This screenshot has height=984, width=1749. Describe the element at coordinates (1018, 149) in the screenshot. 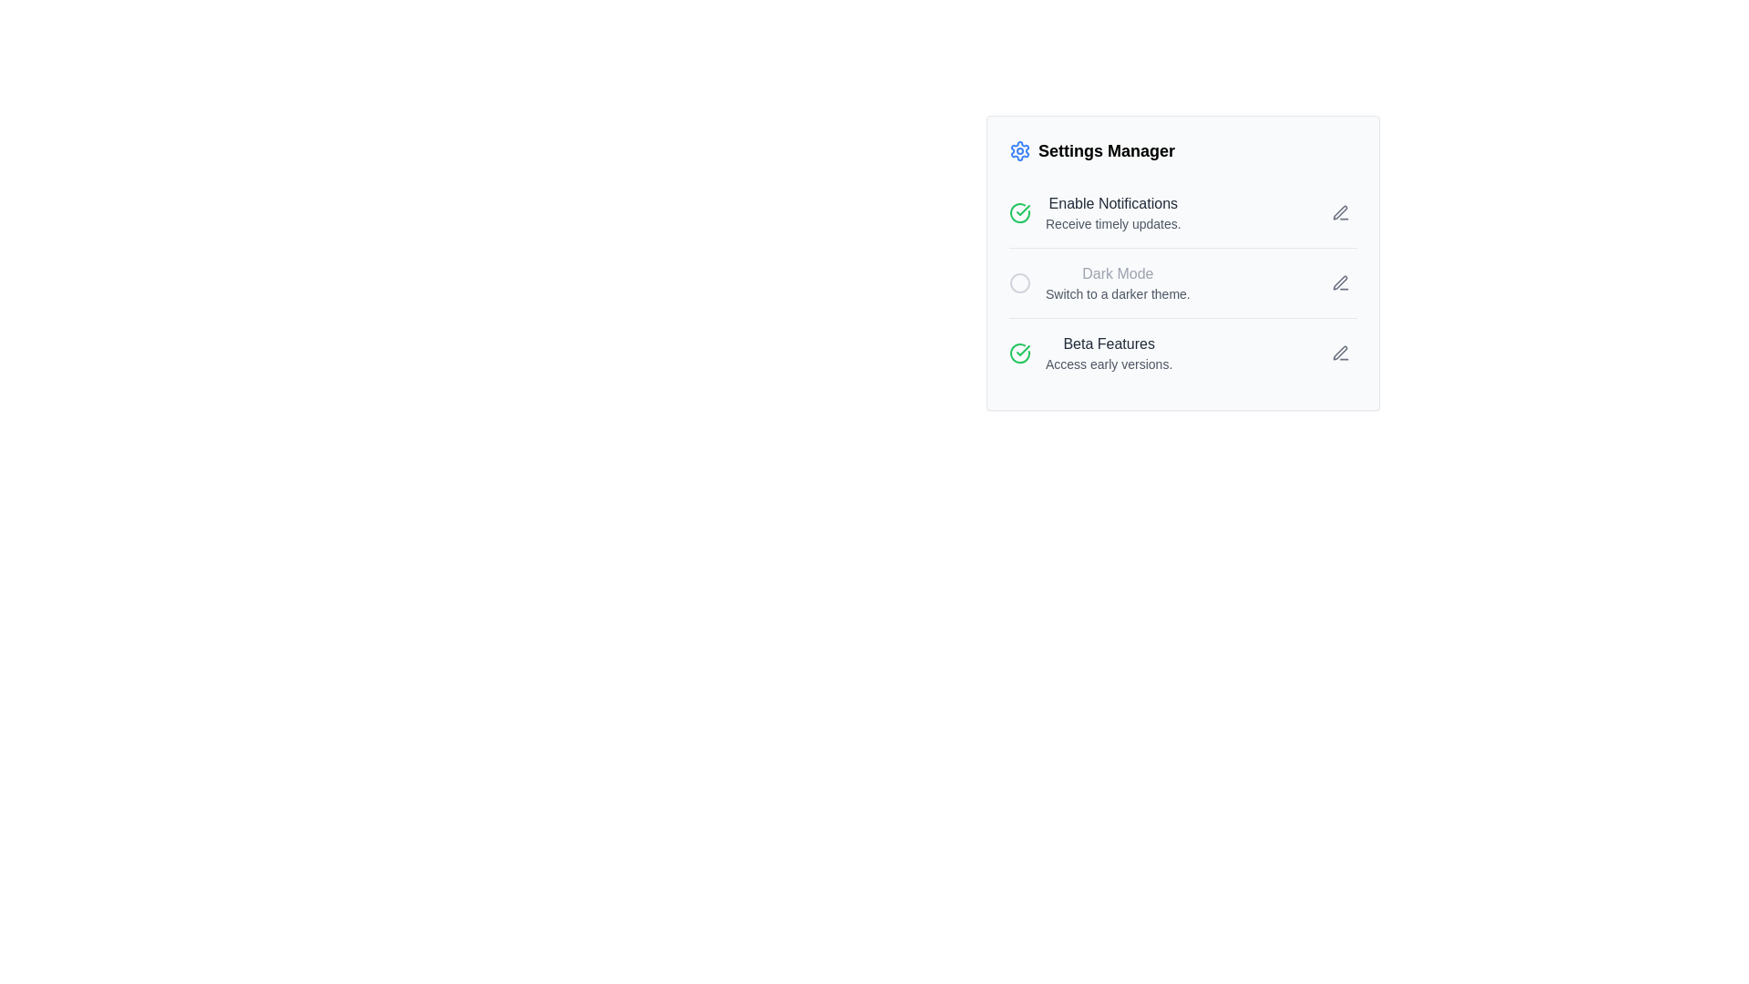

I see `the gear-shaped icon with a blue outline located to the left of the 'Settings Manager' text` at that location.